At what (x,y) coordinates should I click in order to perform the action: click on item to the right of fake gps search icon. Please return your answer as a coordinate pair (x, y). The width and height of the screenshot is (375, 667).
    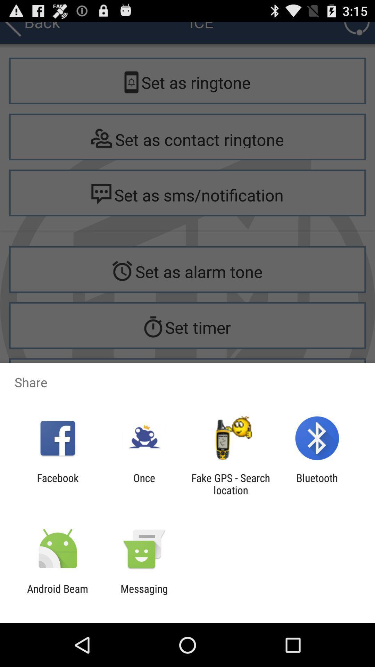
    Looking at the image, I should click on (317, 484).